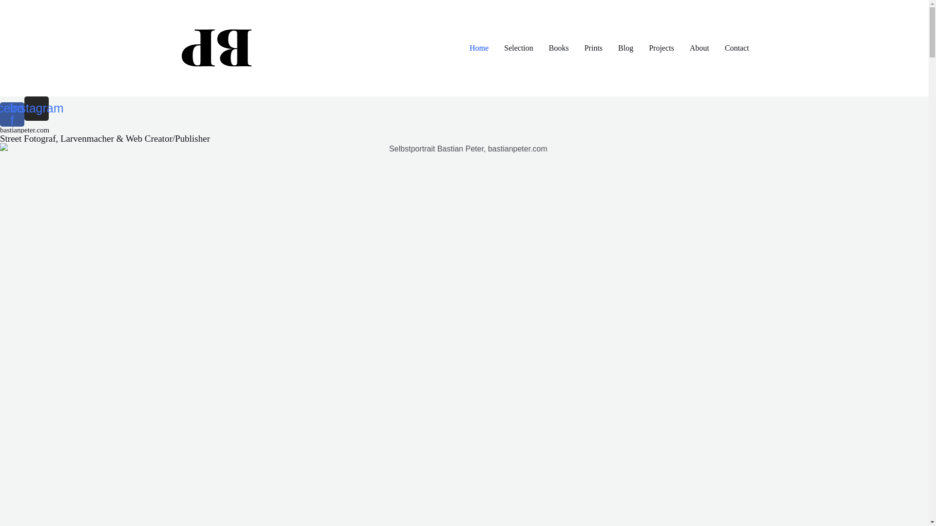 The height and width of the screenshot is (526, 936). What do you see at coordinates (12, 114) in the screenshot?
I see `'Facebook-f'` at bounding box center [12, 114].